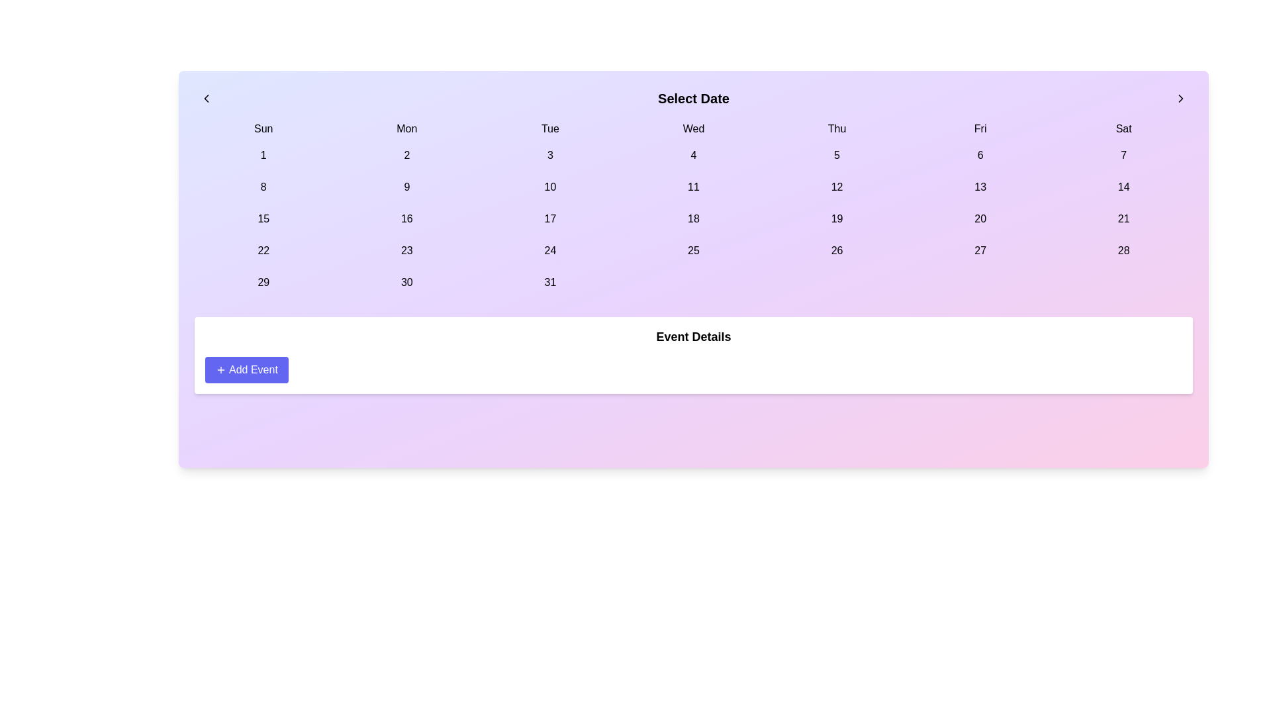  I want to click on the button with a purple background and the number '5' in black, so click(836, 155).